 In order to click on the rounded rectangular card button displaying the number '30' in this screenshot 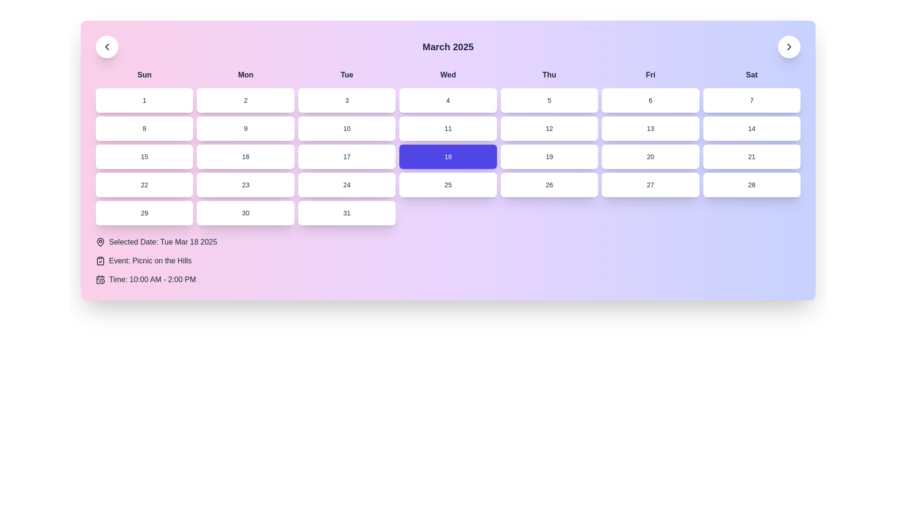, I will do `click(246, 213)`.